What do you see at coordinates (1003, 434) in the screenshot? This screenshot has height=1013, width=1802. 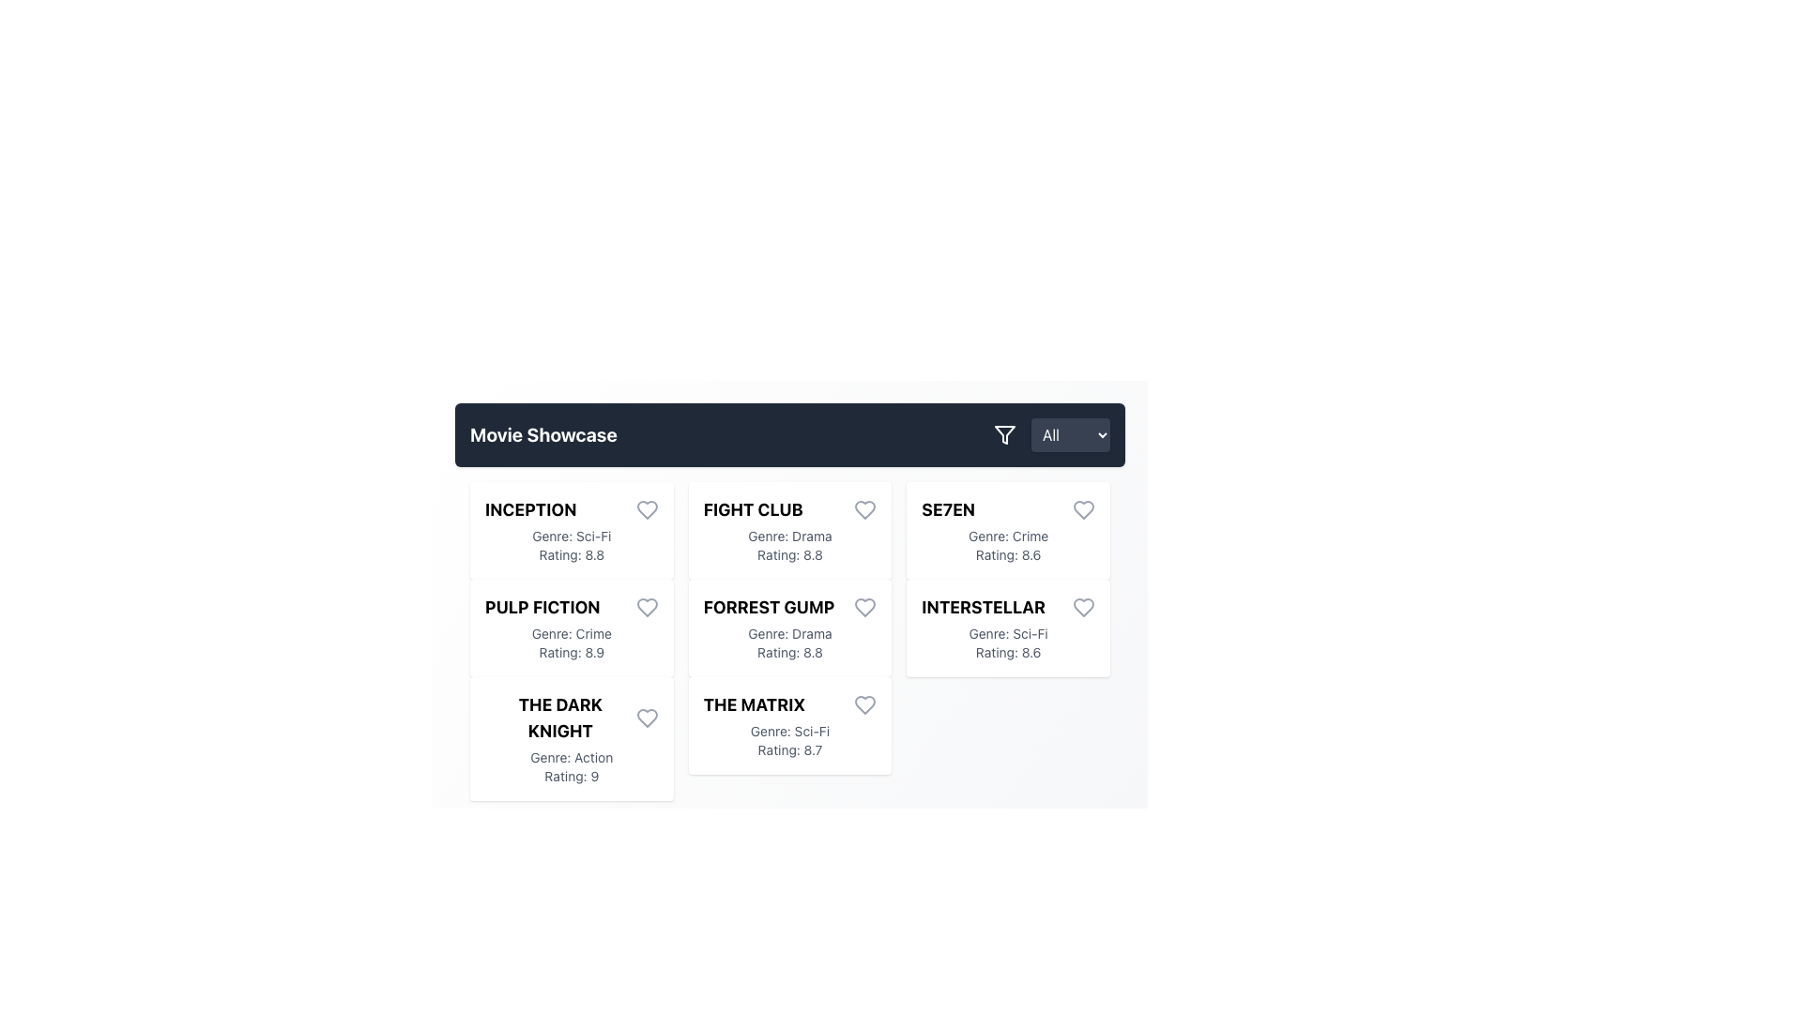 I see `the center of the filter icon, which is a triangular, funnel-like icon located in the toolbar at the top right side of the interface` at bounding box center [1003, 434].